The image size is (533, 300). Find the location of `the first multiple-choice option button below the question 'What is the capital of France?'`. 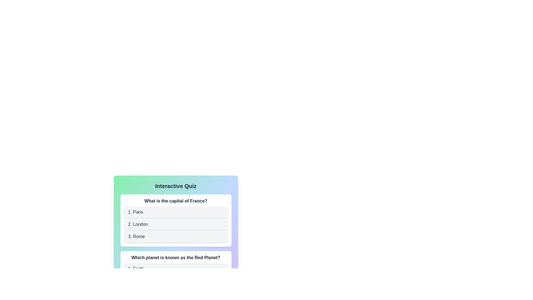

the first multiple-choice option button below the question 'What is the capital of France?' is located at coordinates (175, 212).